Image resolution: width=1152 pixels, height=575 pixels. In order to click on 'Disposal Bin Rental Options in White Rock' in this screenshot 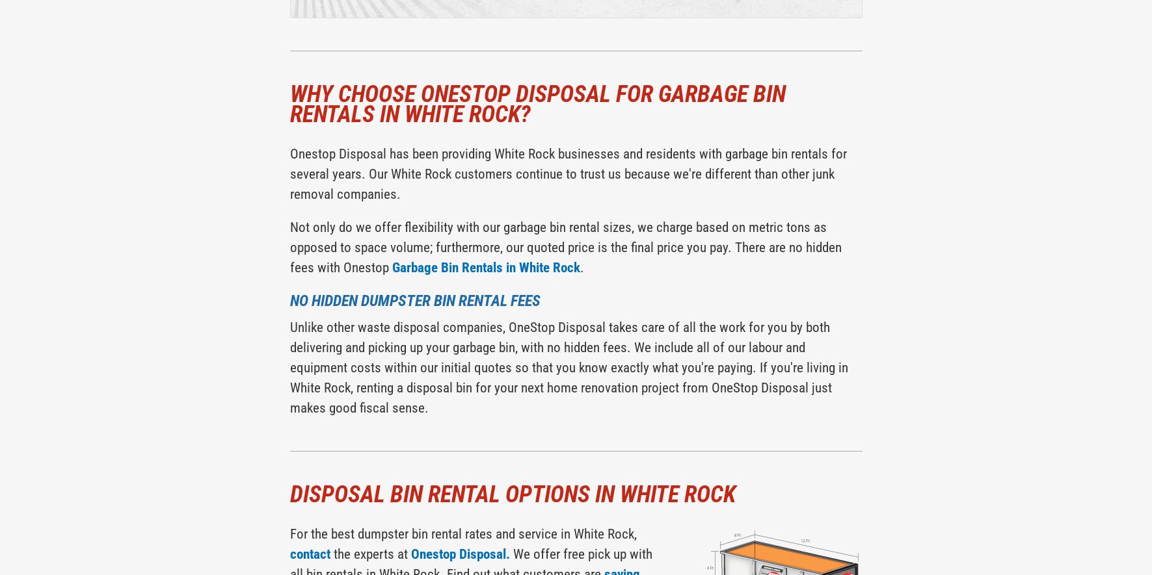, I will do `click(511, 494)`.